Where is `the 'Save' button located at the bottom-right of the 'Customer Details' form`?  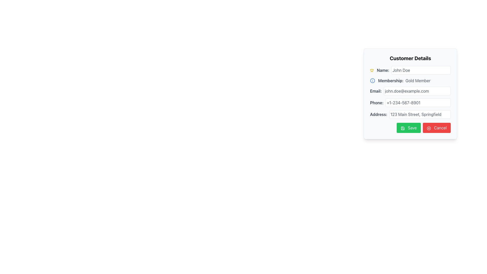 the 'Save' button located at the bottom-right of the 'Customer Details' form is located at coordinates (409, 128).